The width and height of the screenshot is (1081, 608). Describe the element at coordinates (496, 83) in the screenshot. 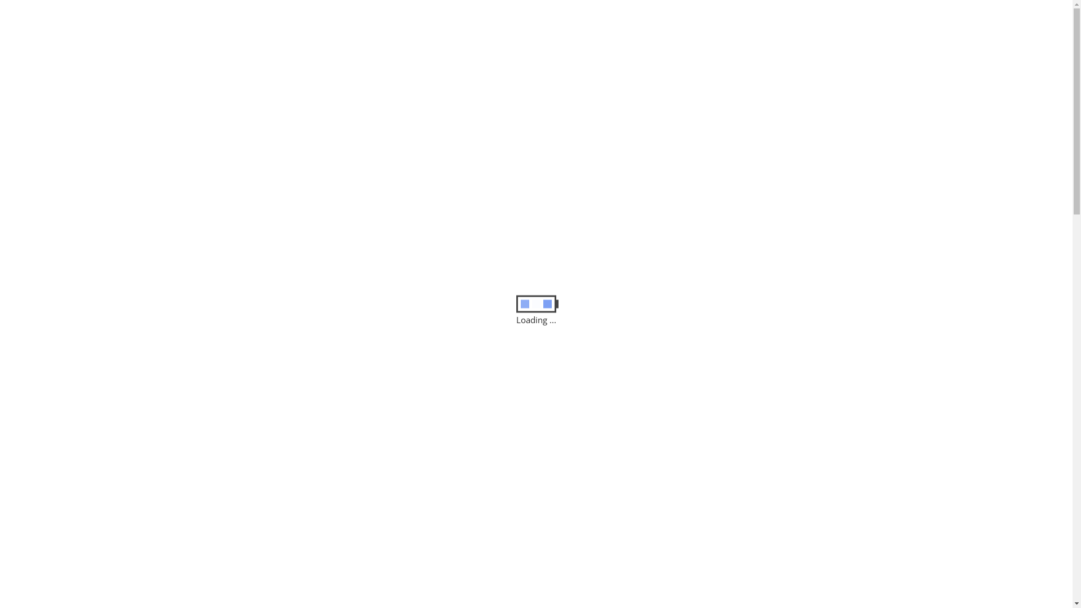

I see `'SERVISI I USLUGE'` at that location.